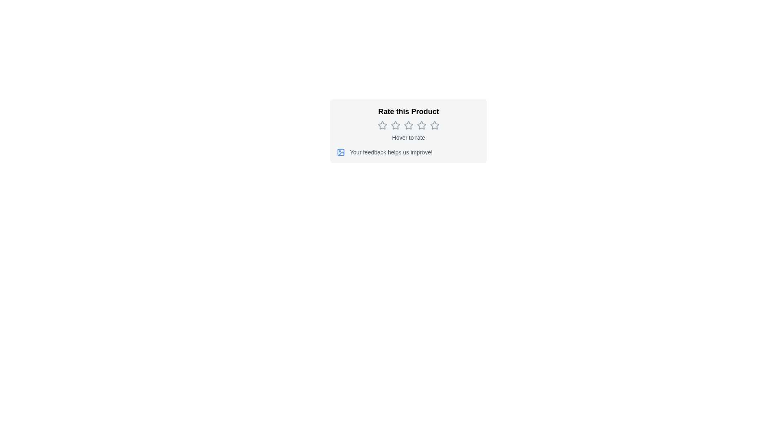 This screenshot has height=440, width=783. I want to click on the second star in the rating widget, so click(395, 125).